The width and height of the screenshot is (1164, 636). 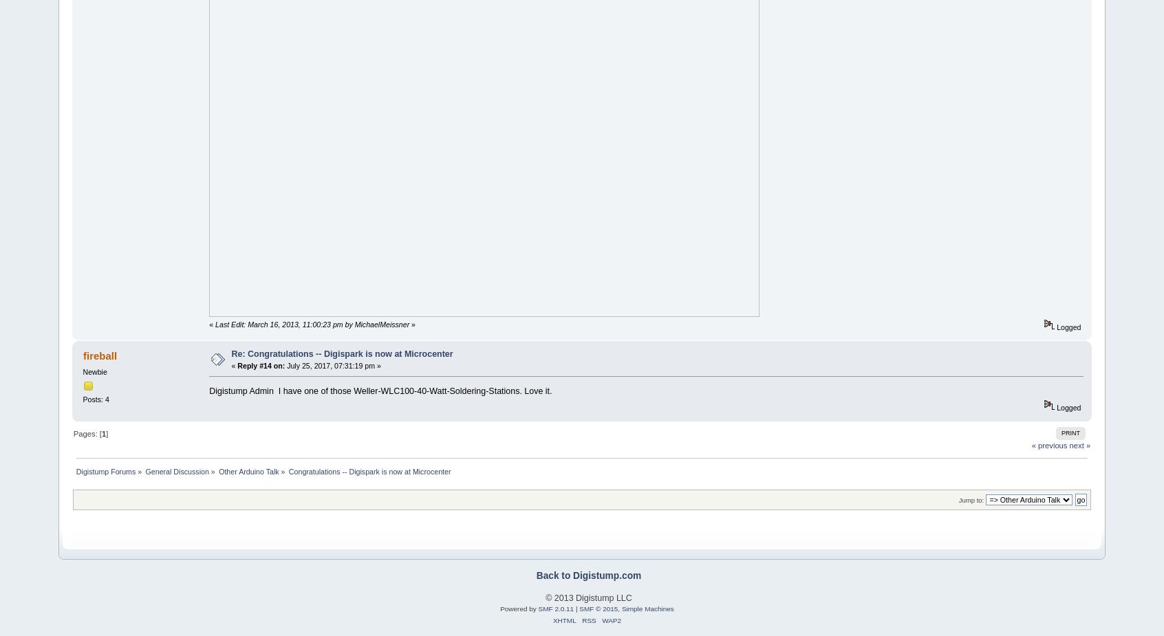 I want to click on 'Reply #14 on:', so click(x=261, y=365).